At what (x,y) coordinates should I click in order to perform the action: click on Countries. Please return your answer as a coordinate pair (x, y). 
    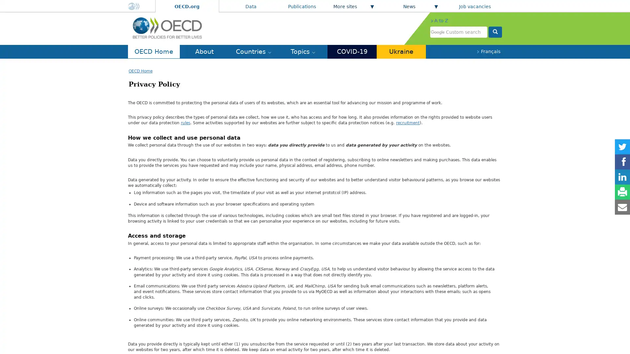
    Looking at the image, I should click on (253, 51).